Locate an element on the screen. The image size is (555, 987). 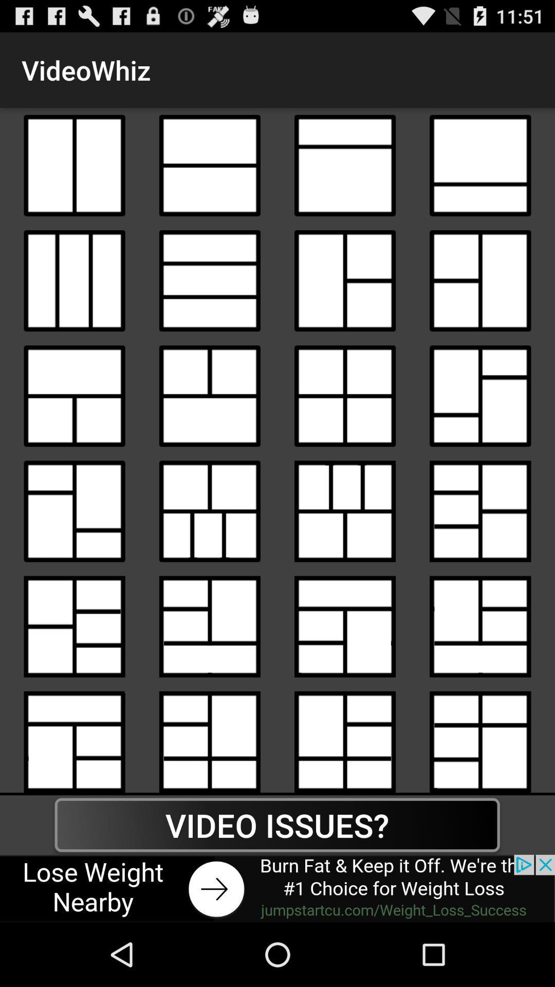
collage model box is located at coordinates (345, 511).